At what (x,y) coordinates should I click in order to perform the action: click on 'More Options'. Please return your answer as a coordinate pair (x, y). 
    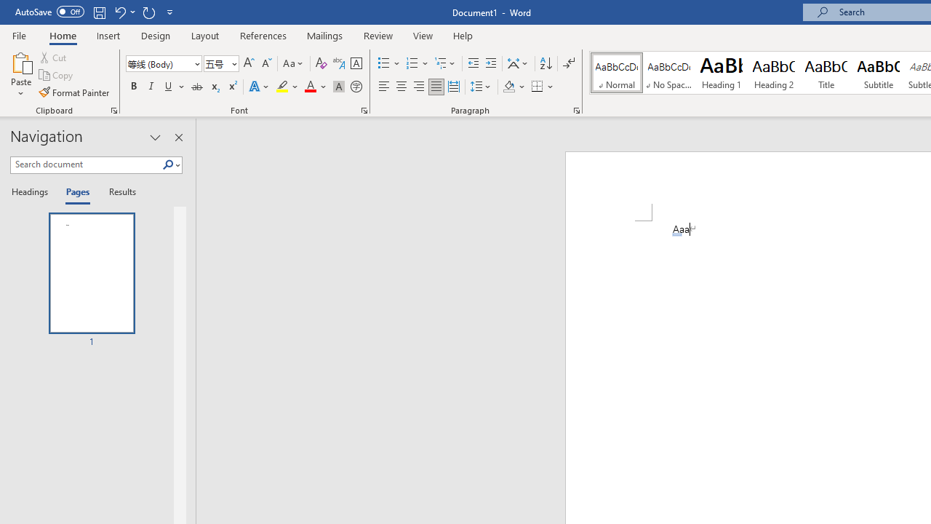
    Looking at the image, I should click on (550, 87).